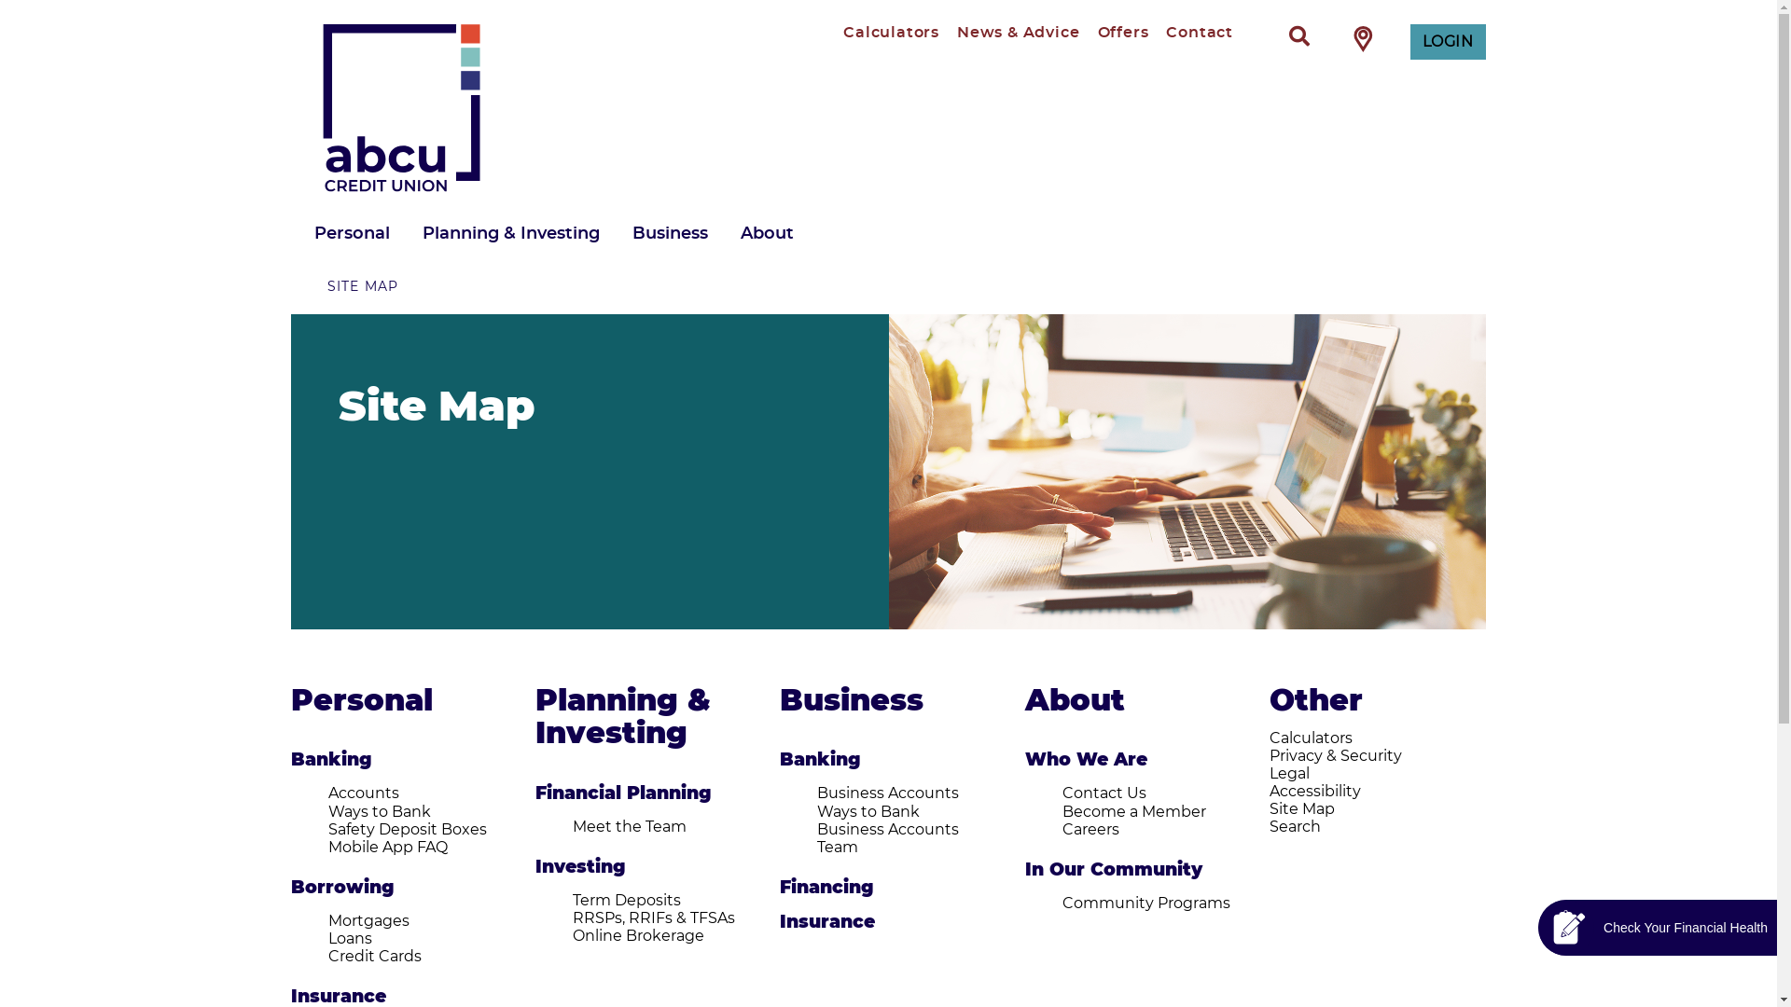  What do you see at coordinates (630, 826) in the screenshot?
I see `'Meet the Team'` at bounding box center [630, 826].